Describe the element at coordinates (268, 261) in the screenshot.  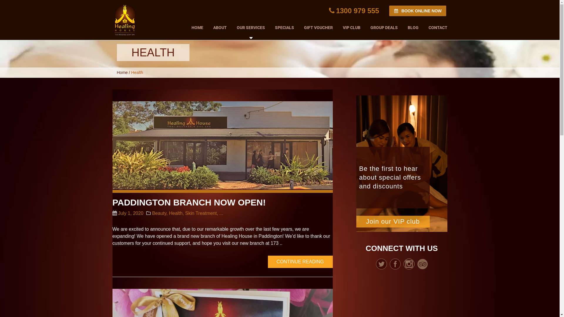
I see `'CONTINUE READING'` at that location.